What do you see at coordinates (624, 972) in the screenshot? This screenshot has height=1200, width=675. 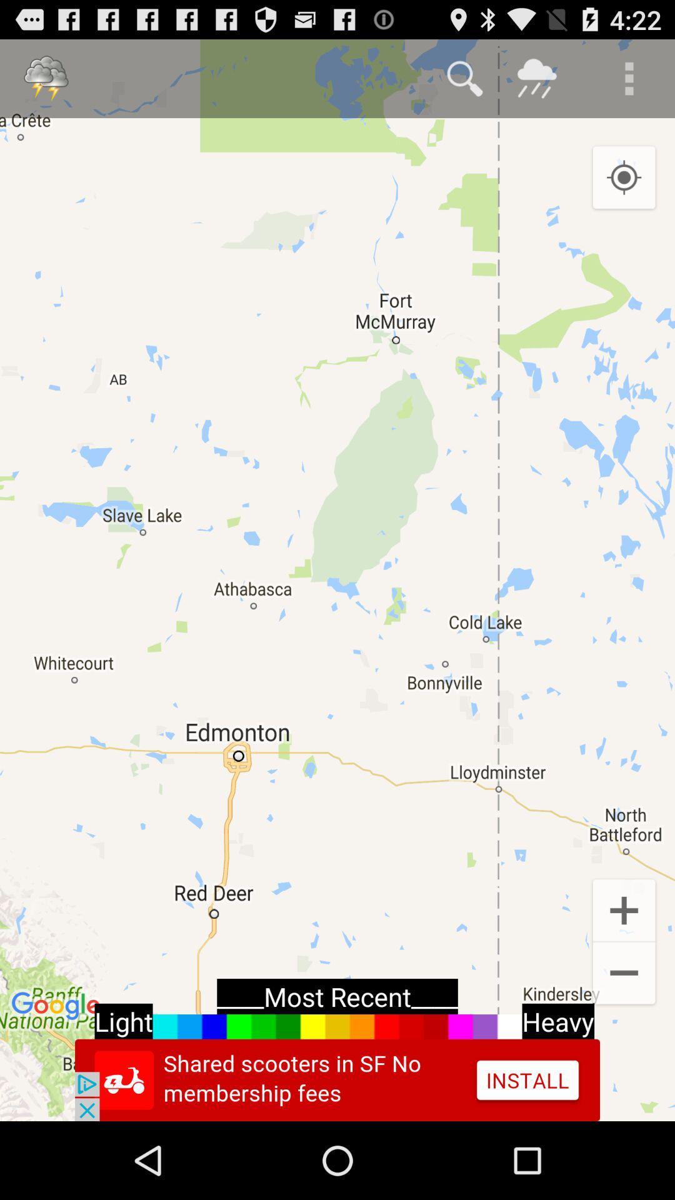 I see `the add icon` at bounding box center [624, 972].